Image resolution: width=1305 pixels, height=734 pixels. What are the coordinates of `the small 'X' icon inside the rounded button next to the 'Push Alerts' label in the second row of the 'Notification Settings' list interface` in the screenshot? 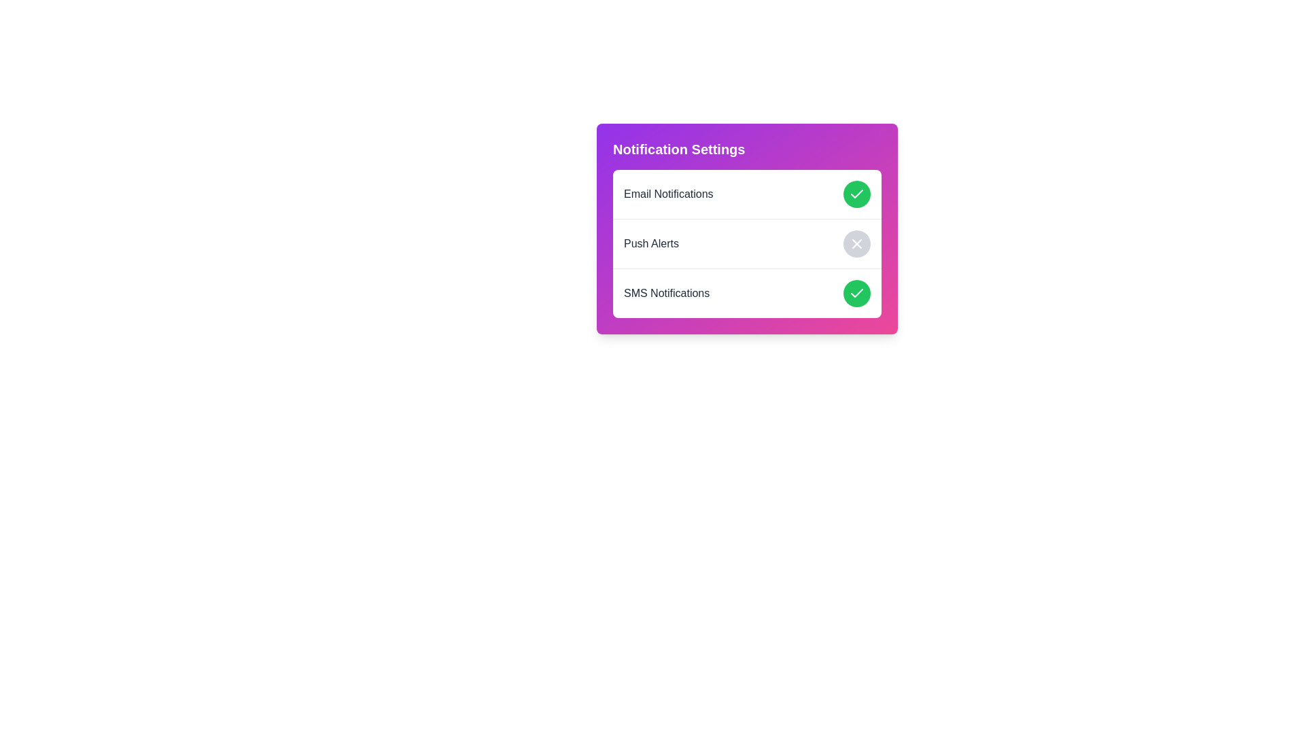 It's located at (856, 243).